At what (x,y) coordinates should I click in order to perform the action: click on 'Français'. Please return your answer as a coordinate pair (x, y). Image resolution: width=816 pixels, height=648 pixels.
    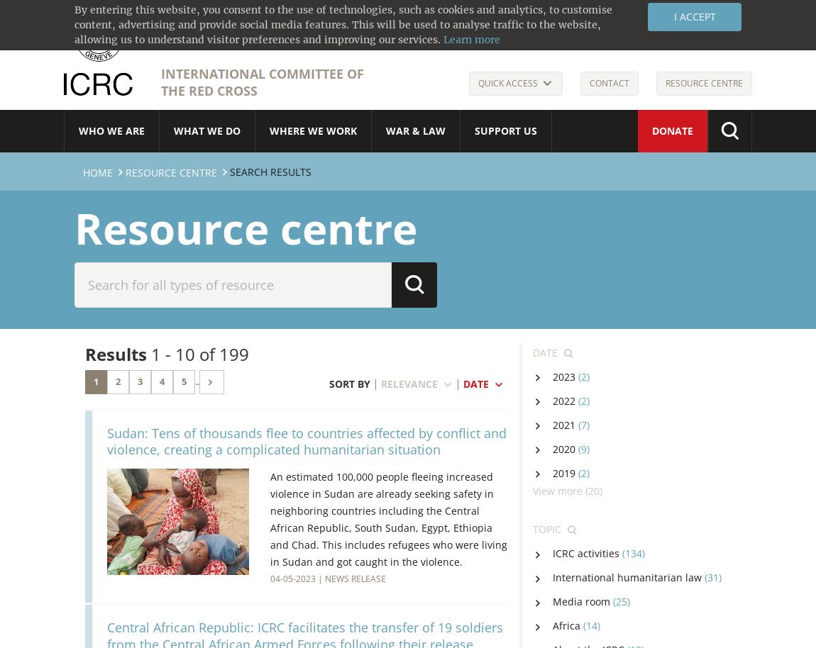
    Looking at the image, I should click on (553, 18).